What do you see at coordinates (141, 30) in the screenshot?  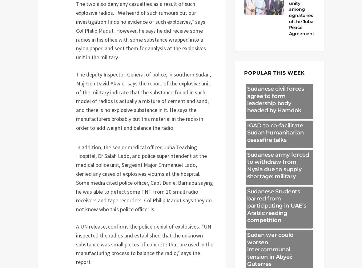 I see `'The two also deny any casualties as a result of such explosive radios. “We heard of such rumours but our investigation finds no evidence of such explosives,” says Col Philip Madut. However, he says he did receive some radios in his office with some substance wrapped into a nylon paper, and sent them for analysis at the explosives unit in the military.'` at bounding box center [141, 30].